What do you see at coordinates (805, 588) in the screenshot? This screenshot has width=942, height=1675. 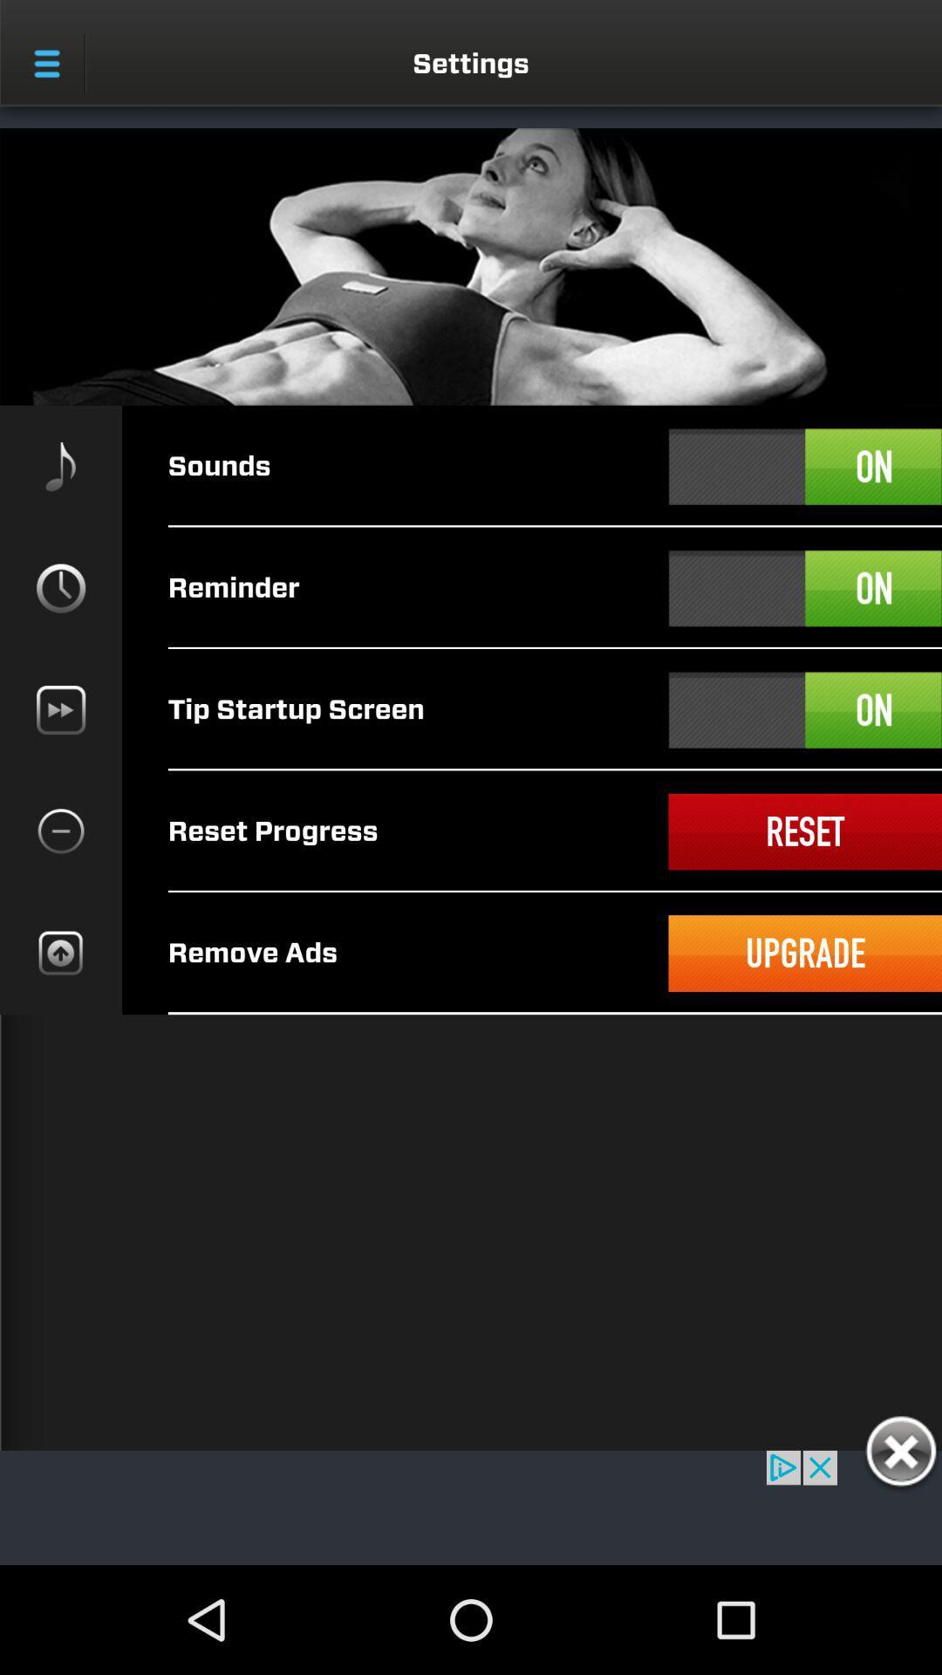 I see `on button` at bounding box center [805, 588].